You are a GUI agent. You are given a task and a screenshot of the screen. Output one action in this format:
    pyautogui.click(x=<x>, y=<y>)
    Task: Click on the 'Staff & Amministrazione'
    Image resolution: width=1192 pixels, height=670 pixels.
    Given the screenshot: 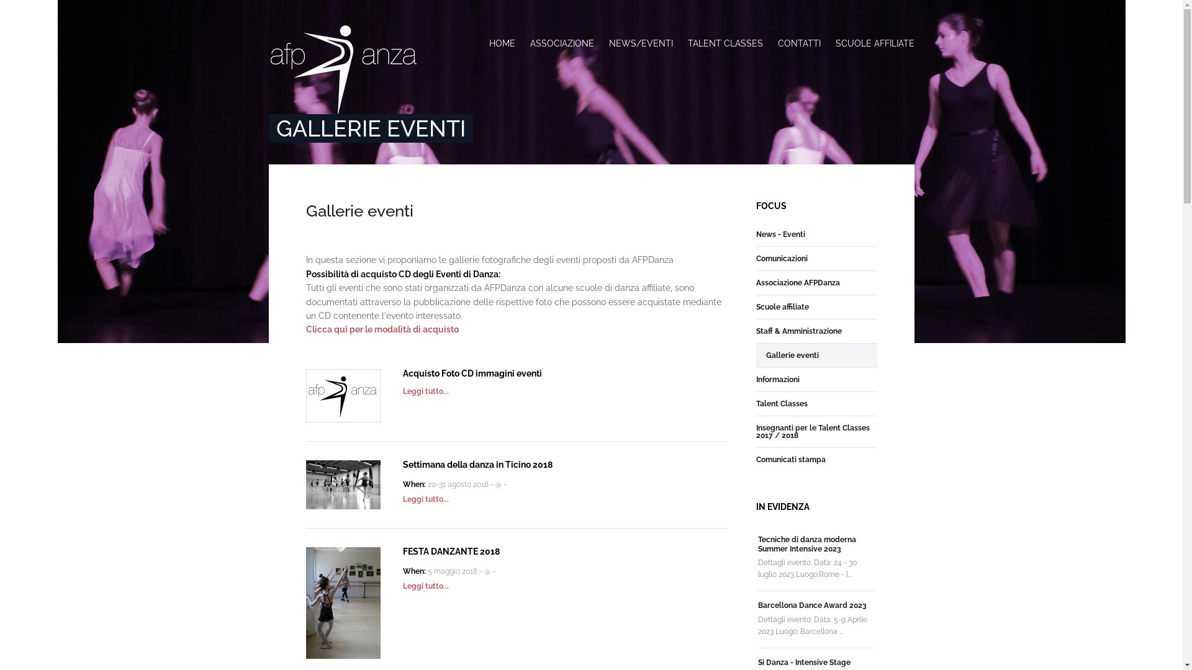 What is the action you would take?
    pyautogui.click(x=798, y=330)
    